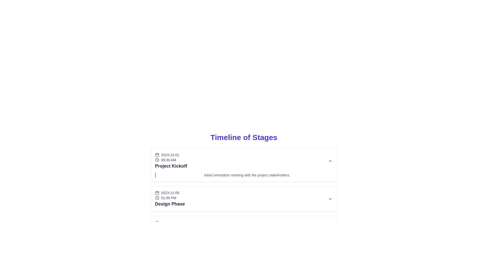 The width and height of the screenshot is (486, 273). Describe the element at coordinates (157, 193) in the screenshot. I see `the small calendar icon that is positioned to the left of the '2023-12-05' text block, aligning horizontally with the date text in the second timeline entry` at that location.